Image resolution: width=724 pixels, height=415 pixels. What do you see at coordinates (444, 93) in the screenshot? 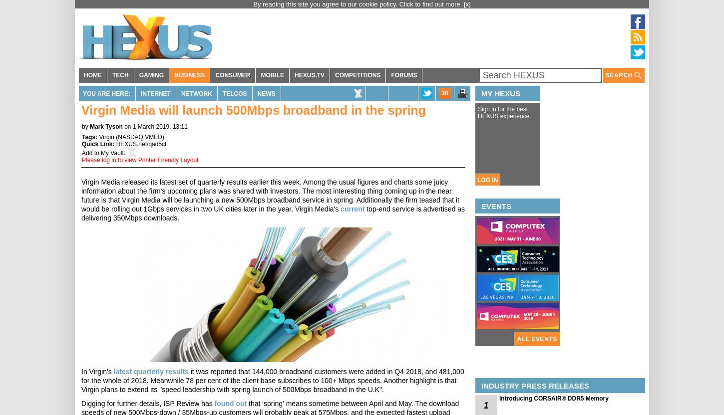
I see `'38'` at bounding box center [444, 93].